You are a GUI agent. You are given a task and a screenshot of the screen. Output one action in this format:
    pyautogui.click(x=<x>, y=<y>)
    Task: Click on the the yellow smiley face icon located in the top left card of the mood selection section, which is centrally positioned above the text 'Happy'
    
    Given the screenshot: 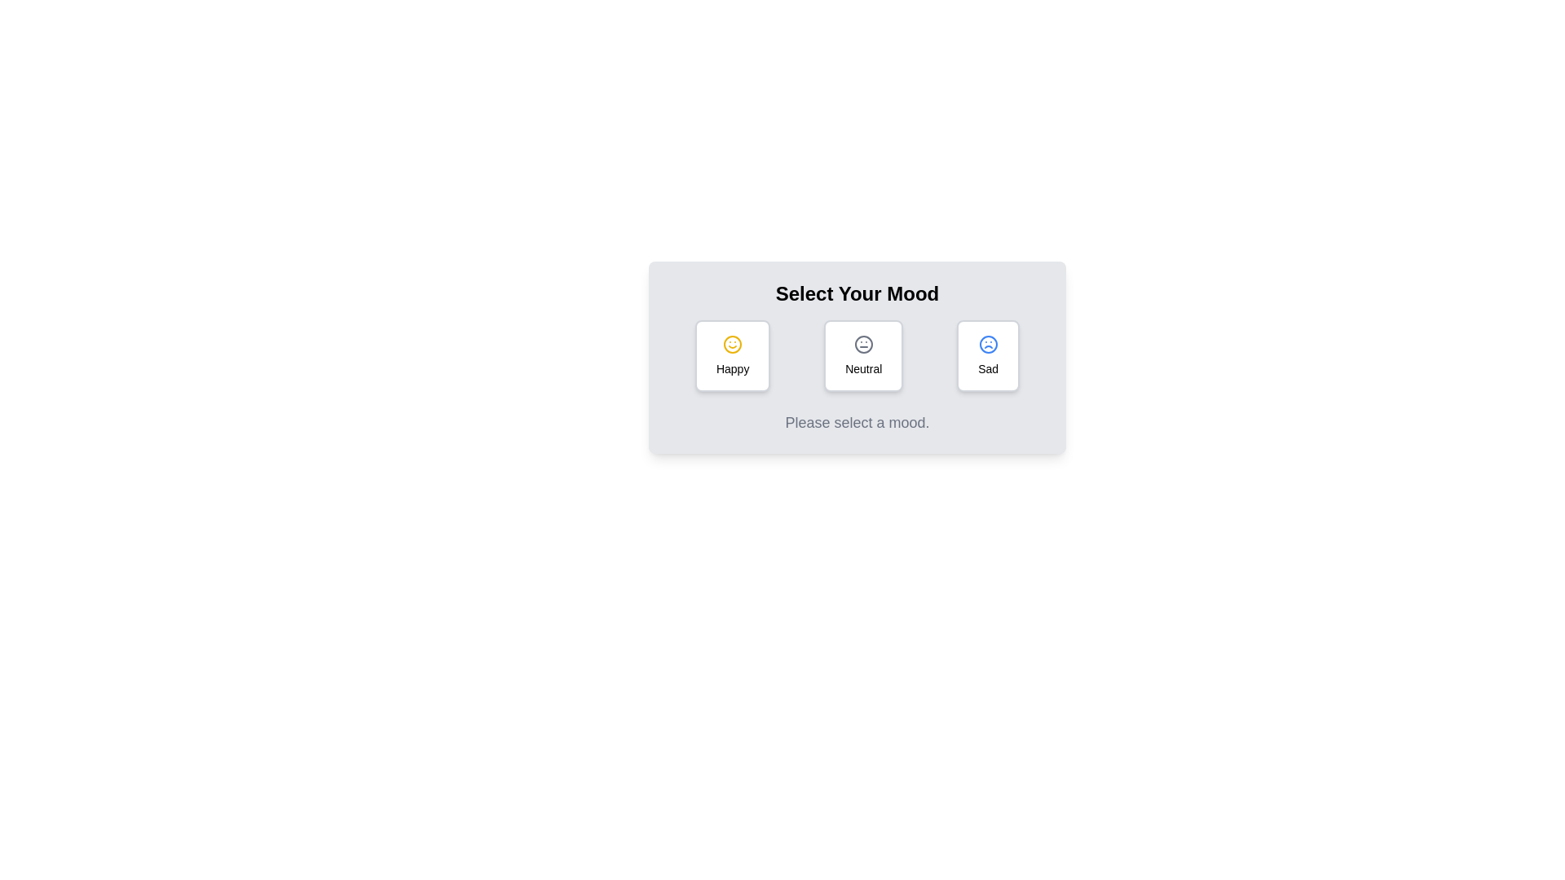 What is the action you would take?
    pyautogui.click(x=732, y=344)
    